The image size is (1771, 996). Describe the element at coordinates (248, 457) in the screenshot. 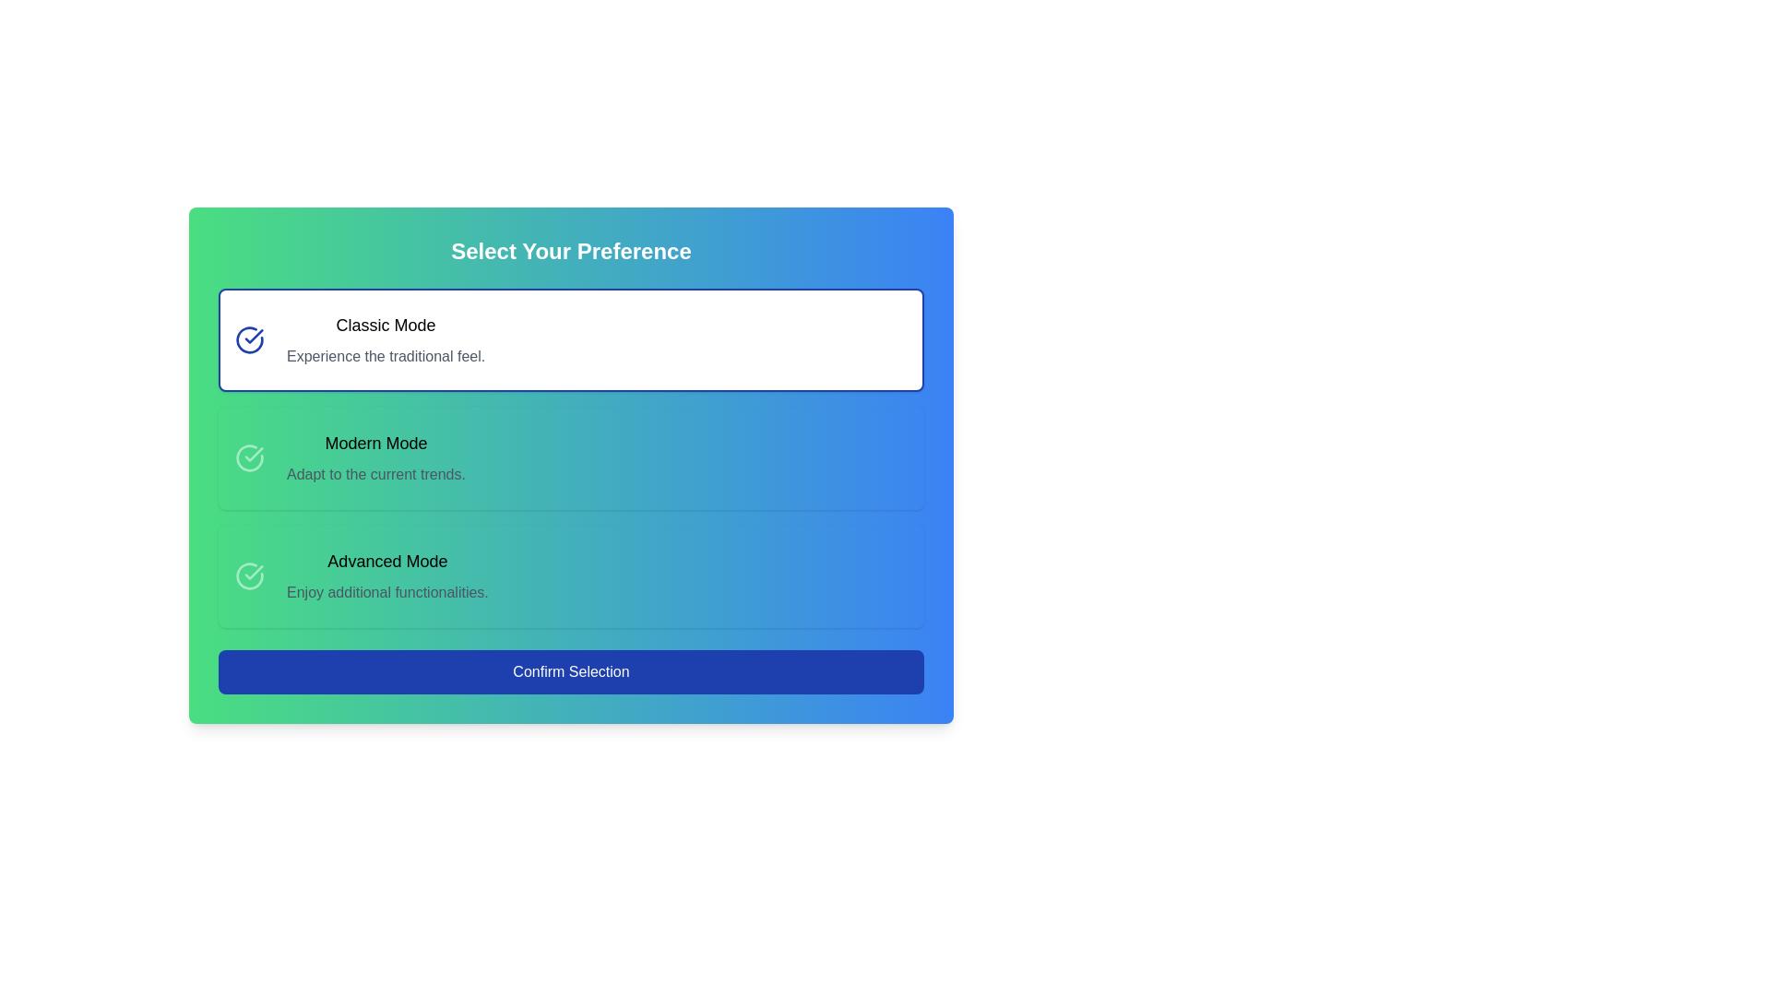

I see `the visual status of the 'Modern Mode' icon located next to the 'Modern Mode' option in the 'Select Your Preference' interface` at that location.